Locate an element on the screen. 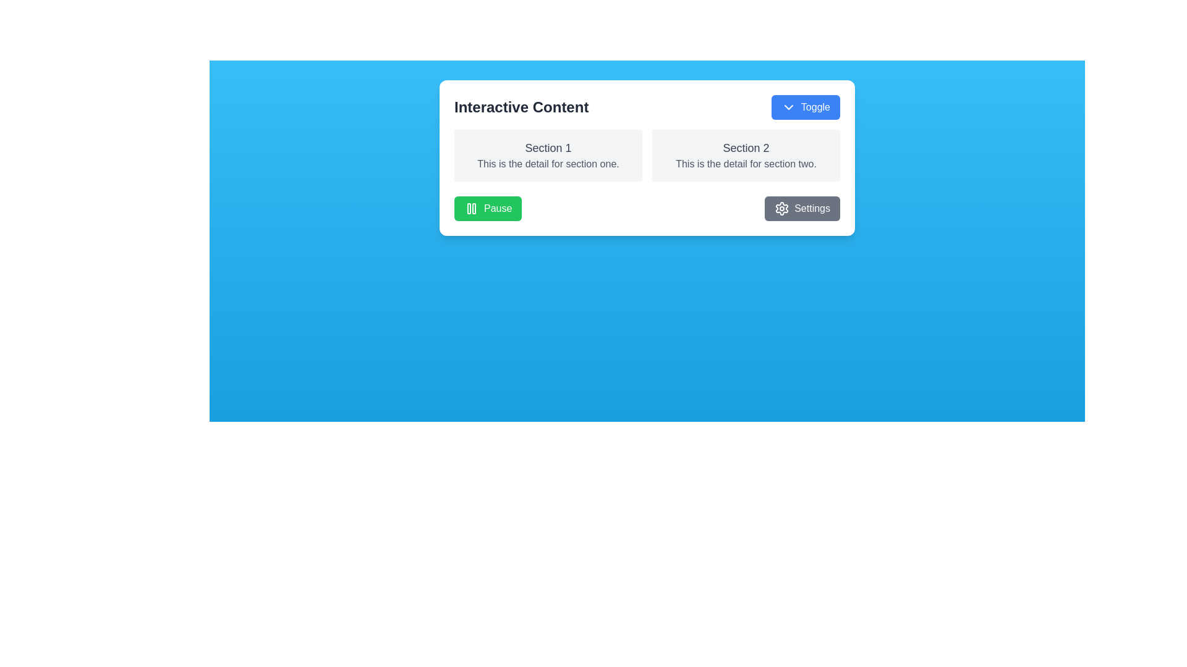  the left vertical bar of the pause icon, which is visually represented within an SVG element, located on a green button in the lower left corner of the card is located at coordinates (468, 208).